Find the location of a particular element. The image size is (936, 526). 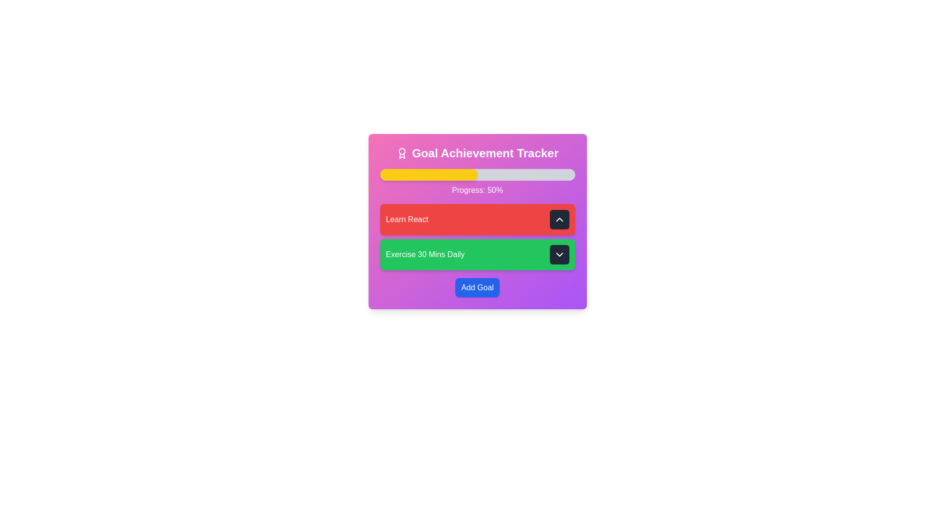

the Progress Indicator that visually represents the progress of a task, currently displaying a progress level of 50%, located within the gray progress bar of the 'Goal Achievement Tracker' card is located at coordinates (429, 174).